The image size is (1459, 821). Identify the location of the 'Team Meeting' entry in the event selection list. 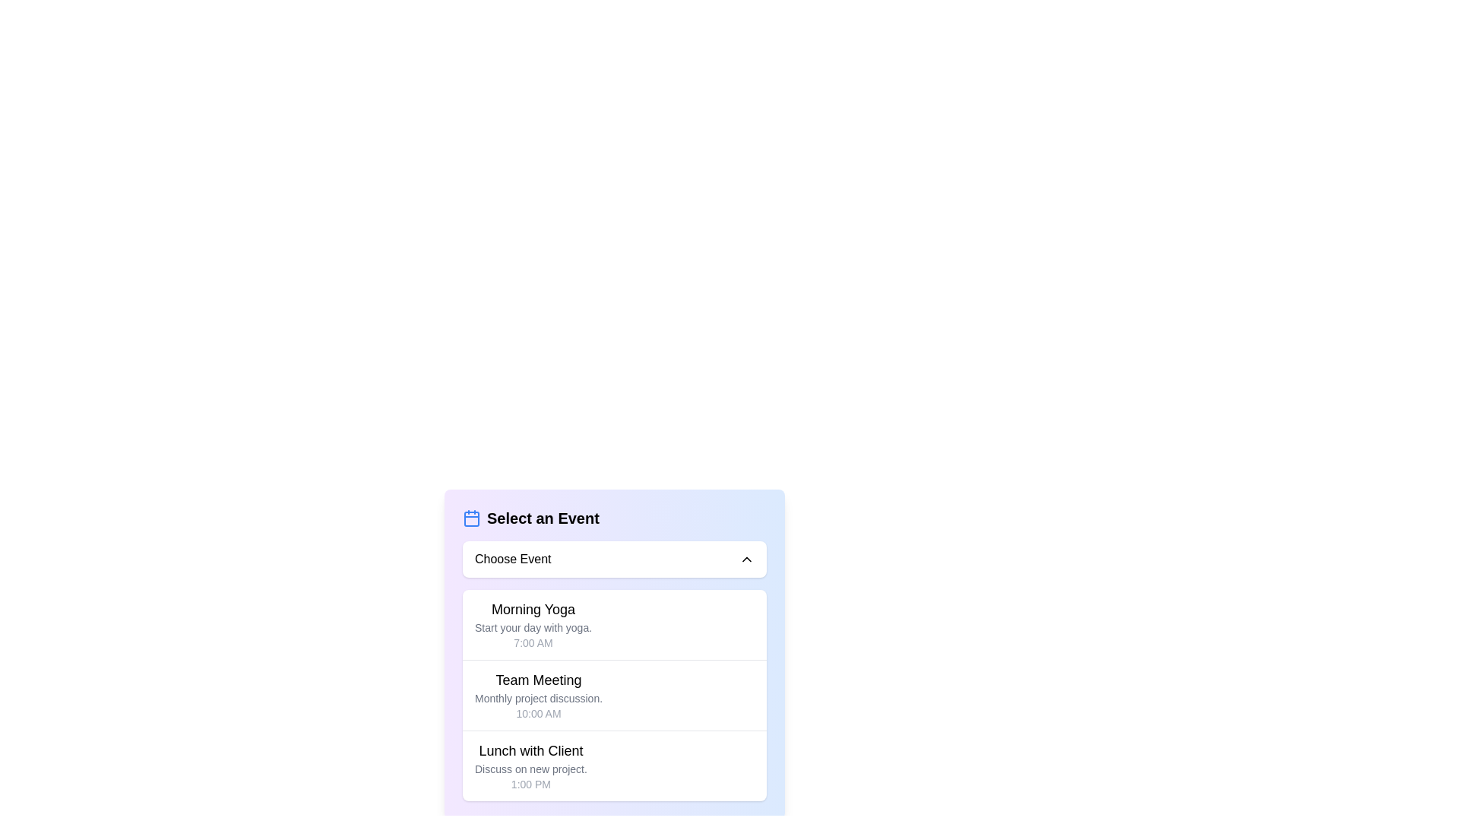
(539, 695).